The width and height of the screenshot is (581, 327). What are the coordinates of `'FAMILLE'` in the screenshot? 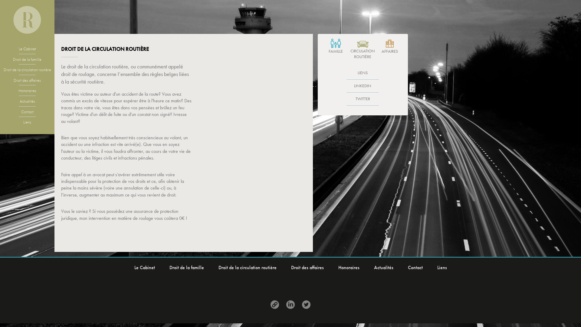 It's located at (328, 46).